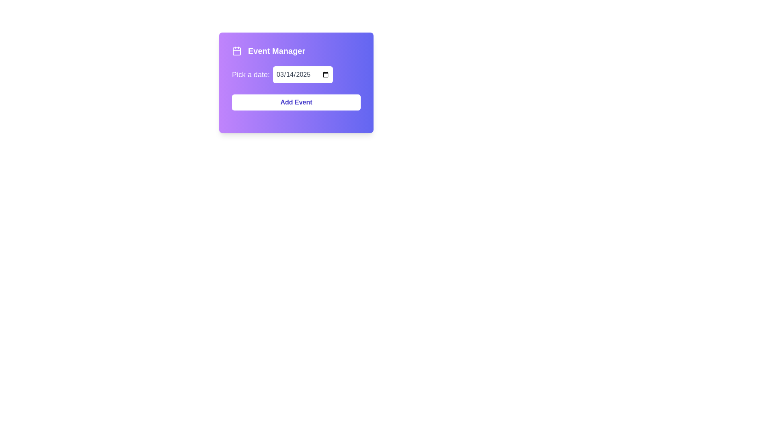  What do you see at coordinates (296, 74) in the screenshot?
I see `the date input field within the Date Picker Input Group that displays '03/14/2025' to type a date` at bounding box center [296, 74].